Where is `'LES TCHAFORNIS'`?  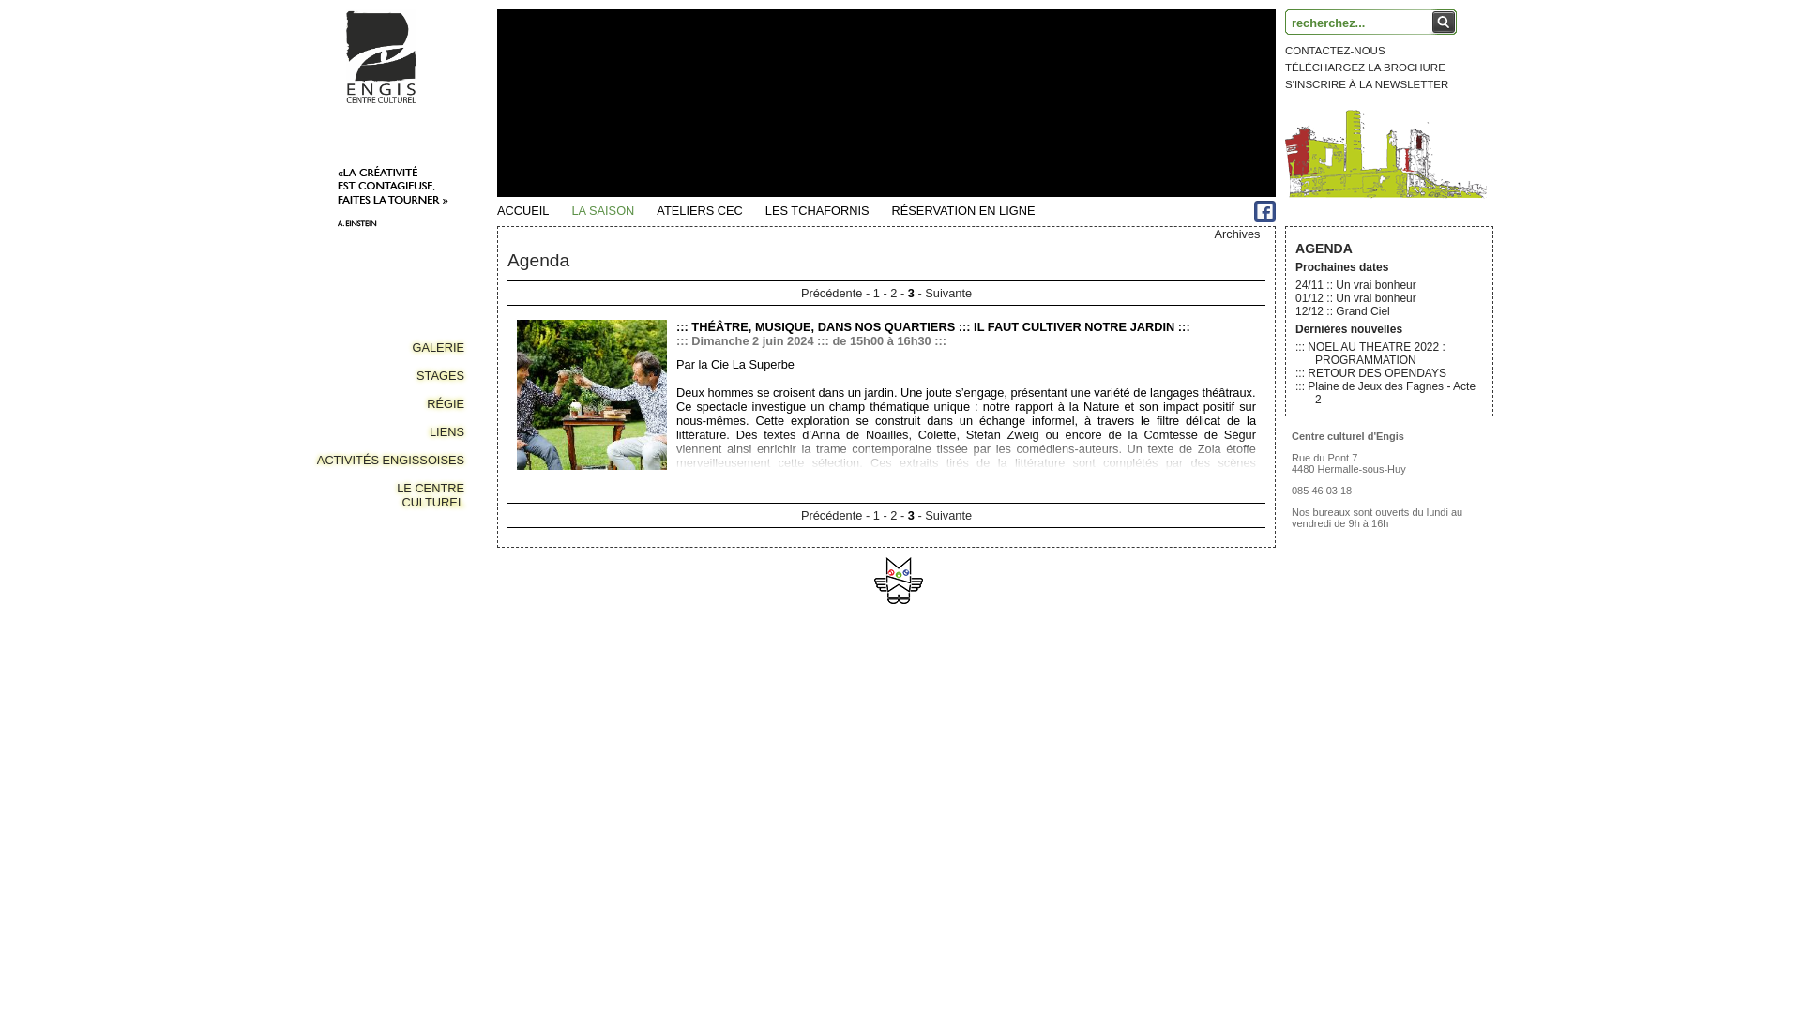
'LES TCHAFORNIS' is located at coordinates (827, 211).